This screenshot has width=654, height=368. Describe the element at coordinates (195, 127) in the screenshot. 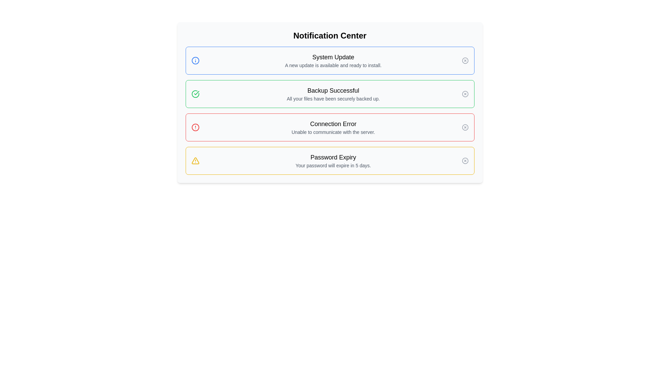

I see `the alert state represented` at that location.